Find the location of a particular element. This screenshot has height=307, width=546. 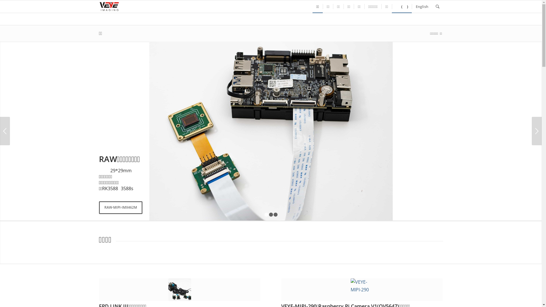

'1' is located at coordinates (264, 215).